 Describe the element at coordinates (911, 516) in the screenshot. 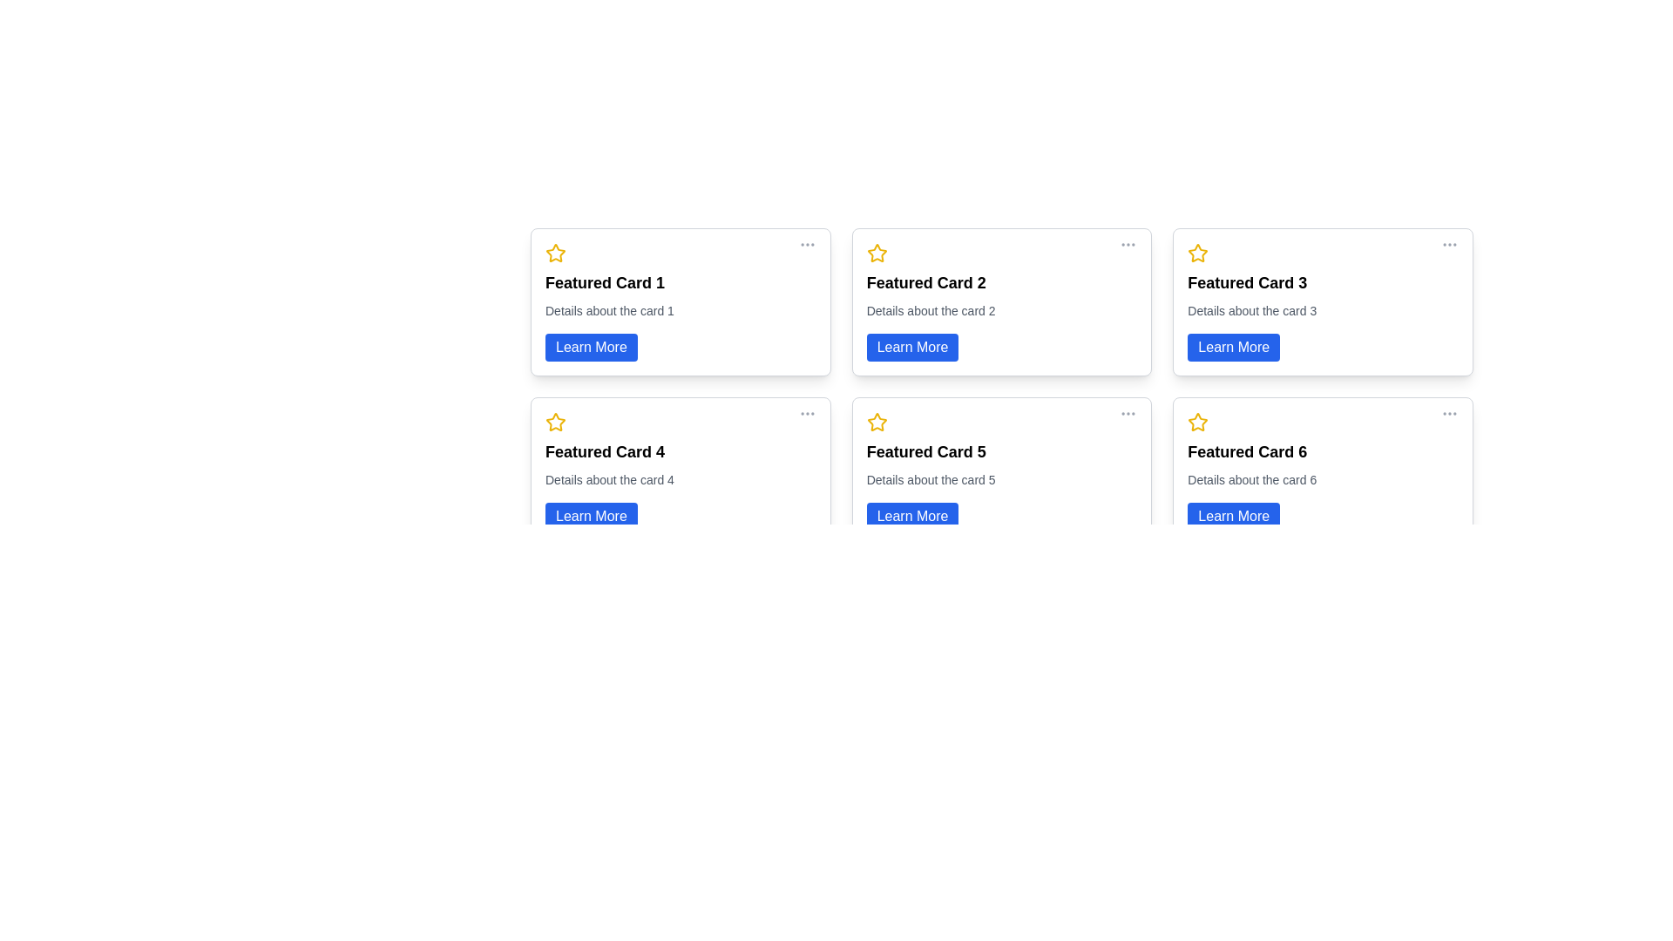

I see `the 'Learn More' button with rounded edges located at the bottom of 'Featured Card 5'` at that location.